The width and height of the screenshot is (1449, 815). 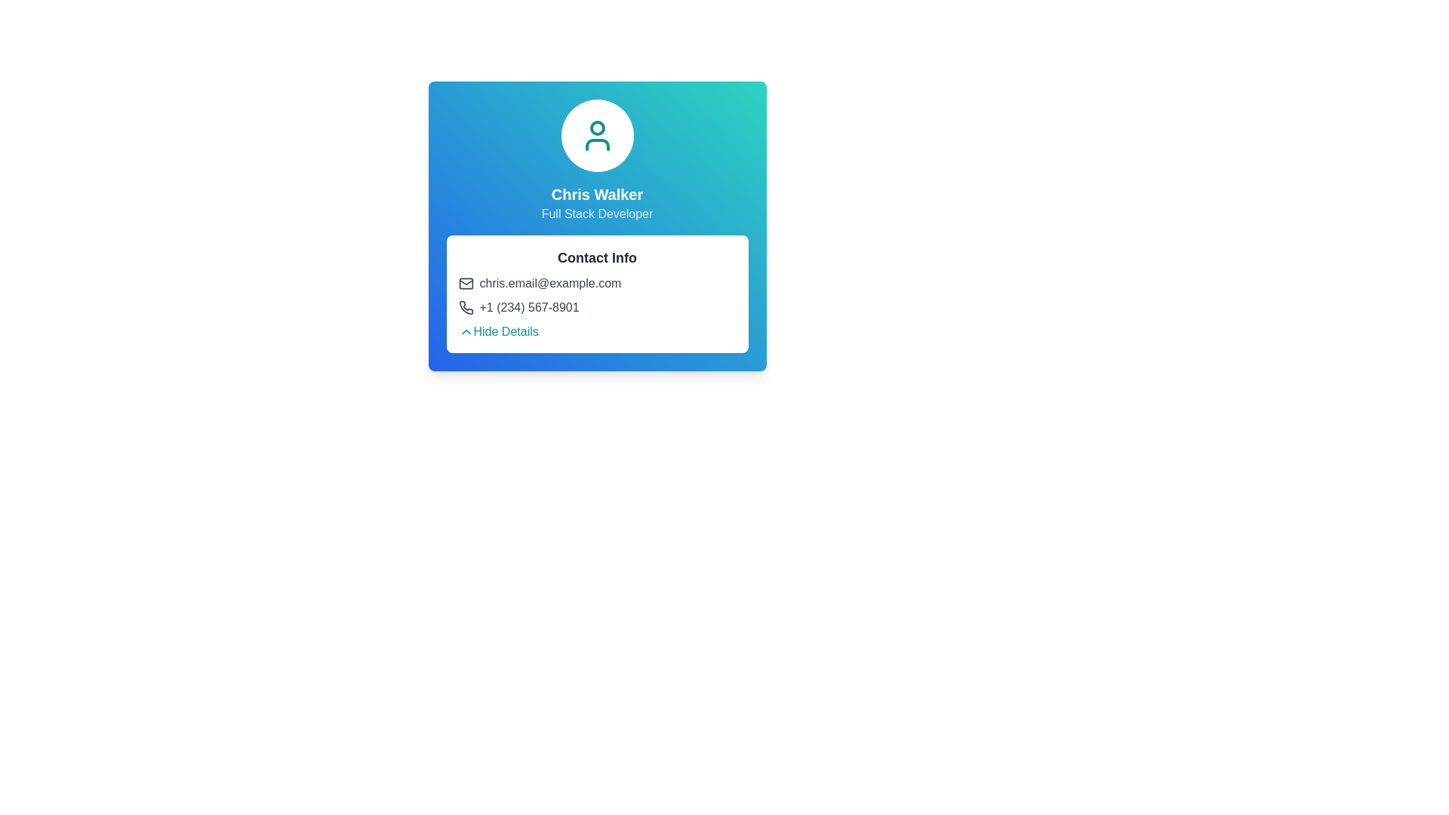 I want to click on envelope-shaped email icon located in the 'Contact Info' section, positioned to the left of the email text 'chris.email@example.com', so click(x=465, y=283).